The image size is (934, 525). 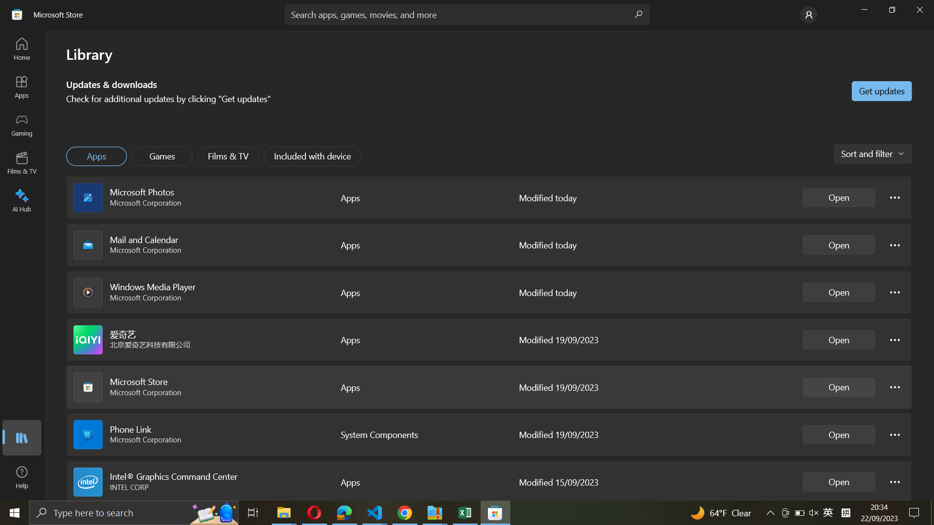 What do you see at coordinates (895, 243) in the screenshot?
I see `Mail and calendar options` at bounding box center [895, 243].